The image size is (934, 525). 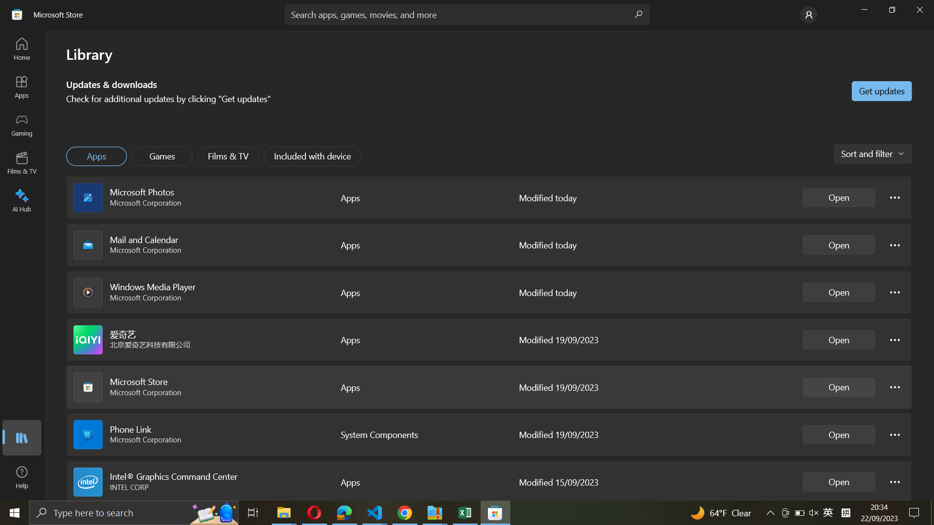 What do you see at coordinates (895, 243) in the screenshot?
I see `Mail and calendar options` at bounding box center [895, 243].